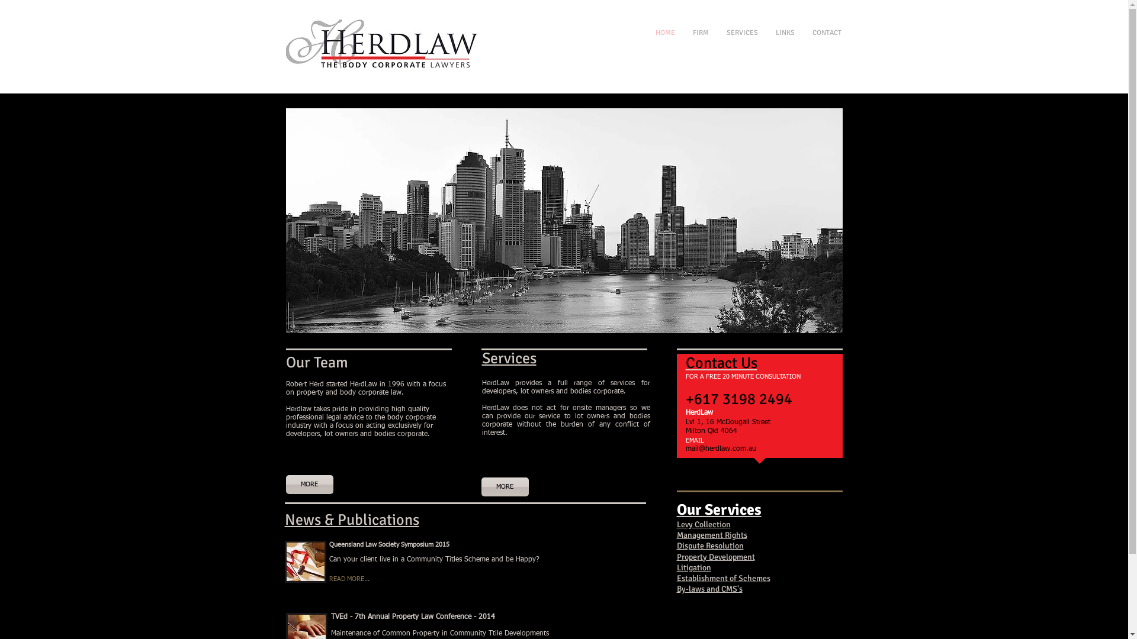  What do you see at coordinates (718, 509) in the screenshot?
I see `'Our Services'` at bounding box center [718, 509].